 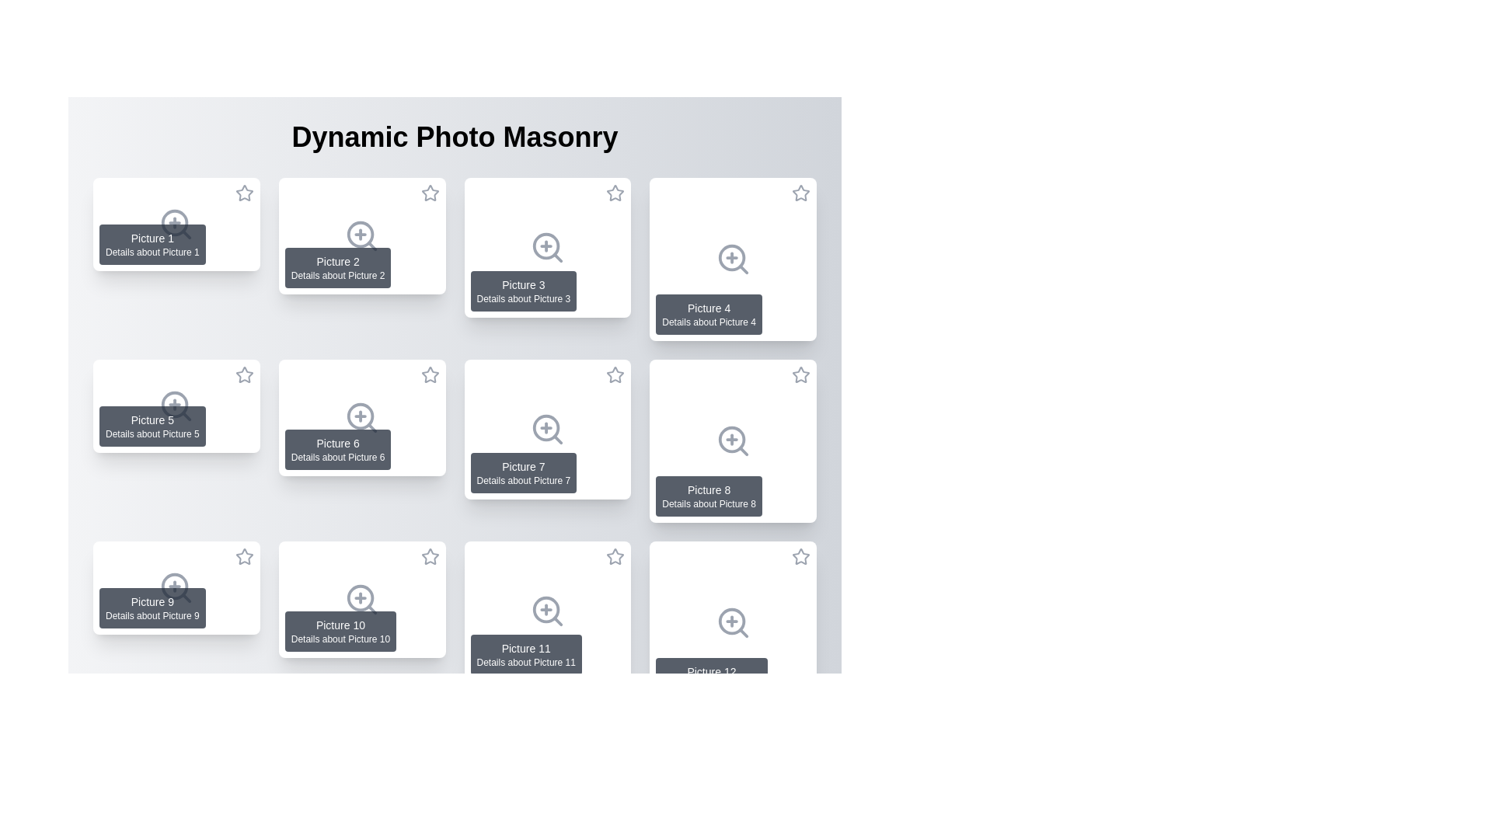 What do you see at coordinates (615, 378) in the screenshot?
I see `the star icon in the top-right corner of the card for 'Picture 7'` at bounding box center [615, 378].